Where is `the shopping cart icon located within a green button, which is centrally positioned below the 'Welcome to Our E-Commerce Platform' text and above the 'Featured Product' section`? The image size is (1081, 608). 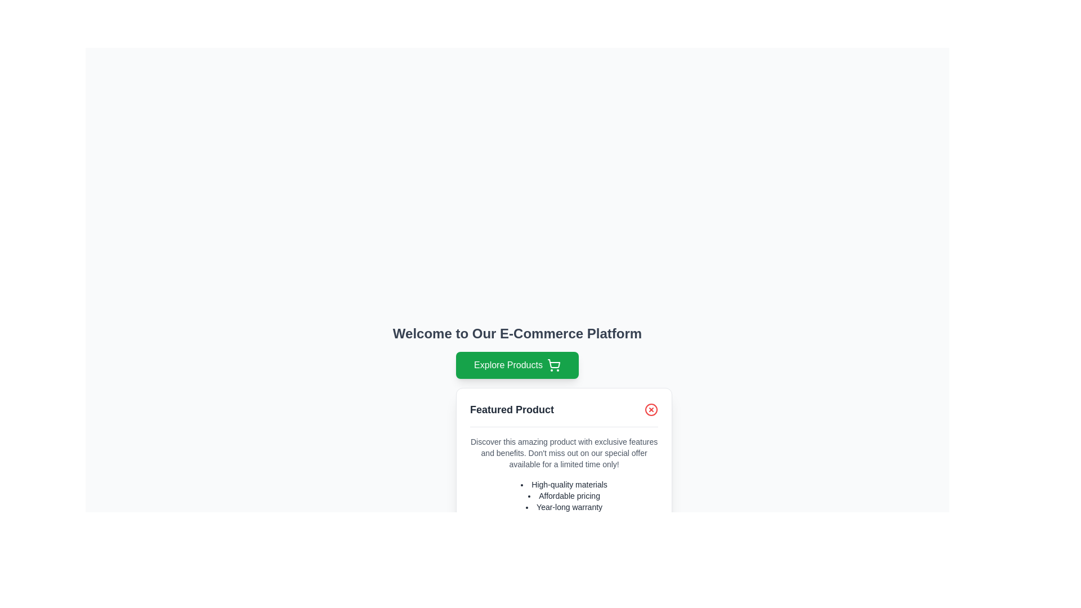 the shopping cart icon located within a green button, which is centrally positioned below the 'Welcome to Our E-Commerce Platform' text and above the 'Featured Product' section is located at coordinates (553, 364).